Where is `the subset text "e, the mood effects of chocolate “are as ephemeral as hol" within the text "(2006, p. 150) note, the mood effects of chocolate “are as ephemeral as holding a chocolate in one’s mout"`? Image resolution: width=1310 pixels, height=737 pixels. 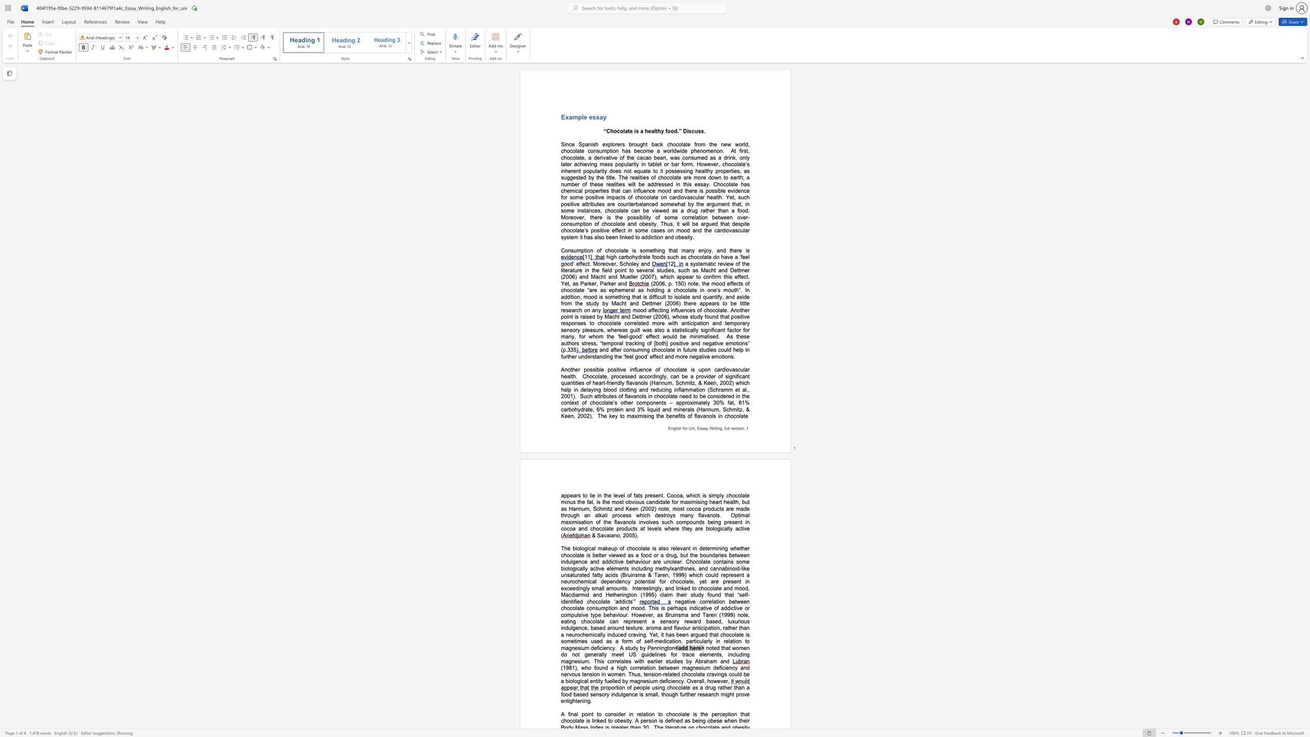
the subset text "e, the mood effects of chocolate “are as ephemeral as hol" within the text "(2006, p. 150) note, the mood effects of chocolate “are as ephemeral as holding a chocolate in one’s mout" is located at coordinates (695, 283).